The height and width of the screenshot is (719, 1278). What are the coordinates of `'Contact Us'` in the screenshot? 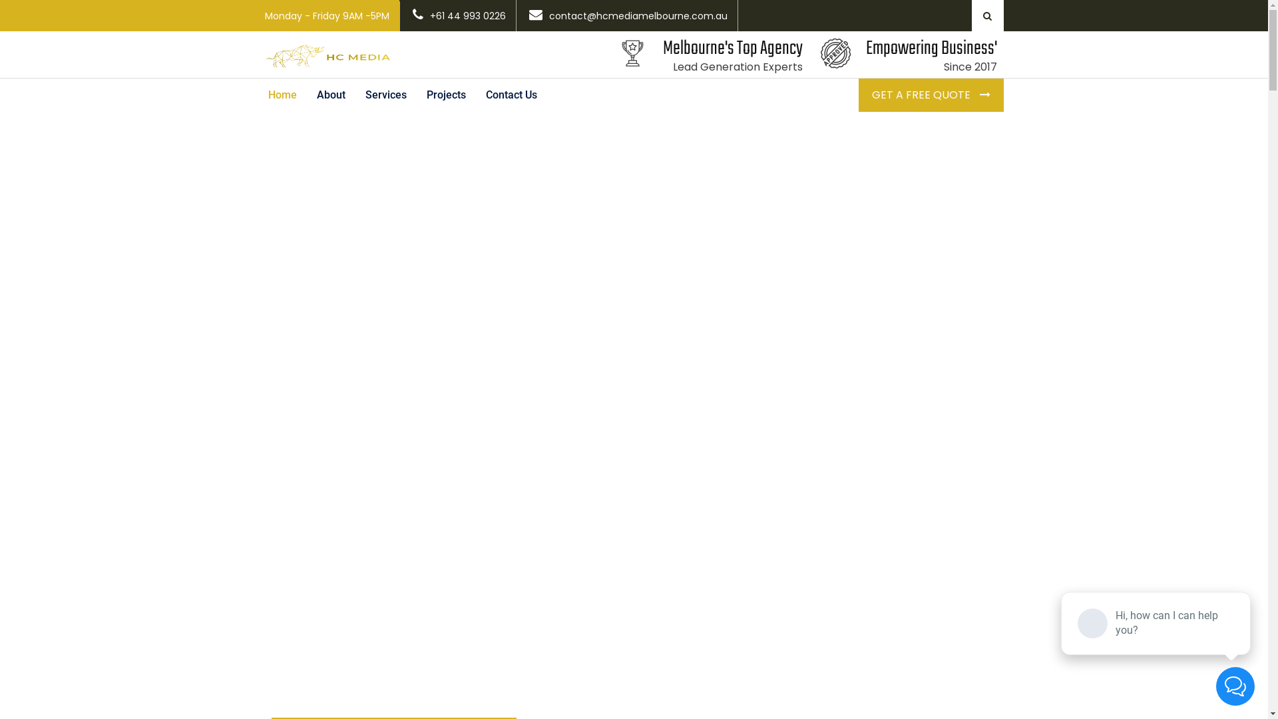 It's located at (510, 94).